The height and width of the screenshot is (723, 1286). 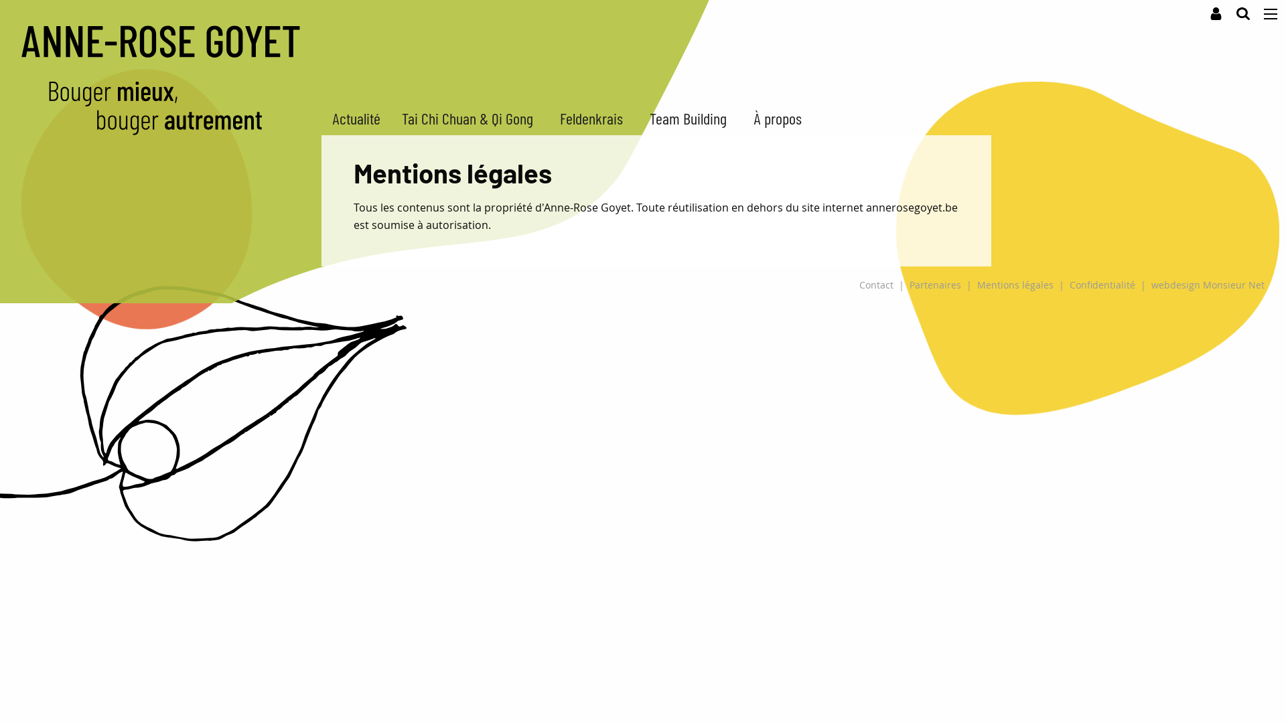 What do you see at coordinates (934, 284) in the screenshot?
I see `'Partenaires'` at bounding box center [934, 284].